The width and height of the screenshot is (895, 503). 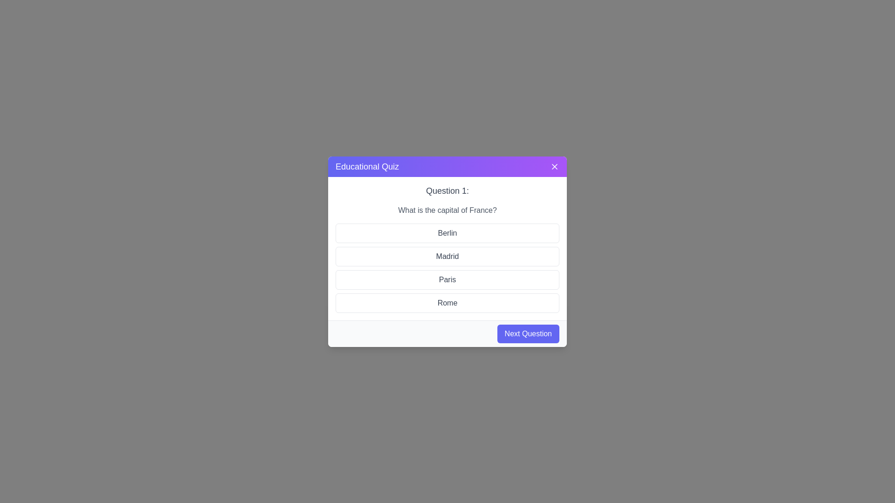 I want to click on the button located at the bottom-right corner of the modal dialog box to proceed to the next question in the quiz interface, so click(x=528, y=333).